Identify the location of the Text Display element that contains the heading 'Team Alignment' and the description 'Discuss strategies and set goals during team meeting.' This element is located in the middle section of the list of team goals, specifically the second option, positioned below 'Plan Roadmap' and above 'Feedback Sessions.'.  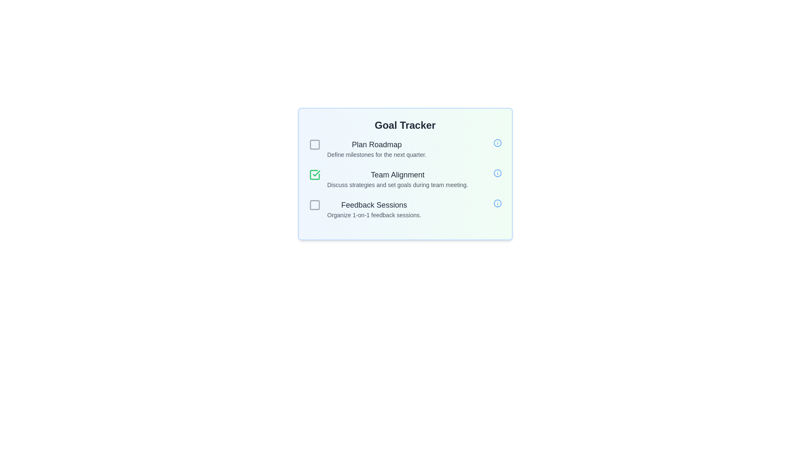
(397, 179).